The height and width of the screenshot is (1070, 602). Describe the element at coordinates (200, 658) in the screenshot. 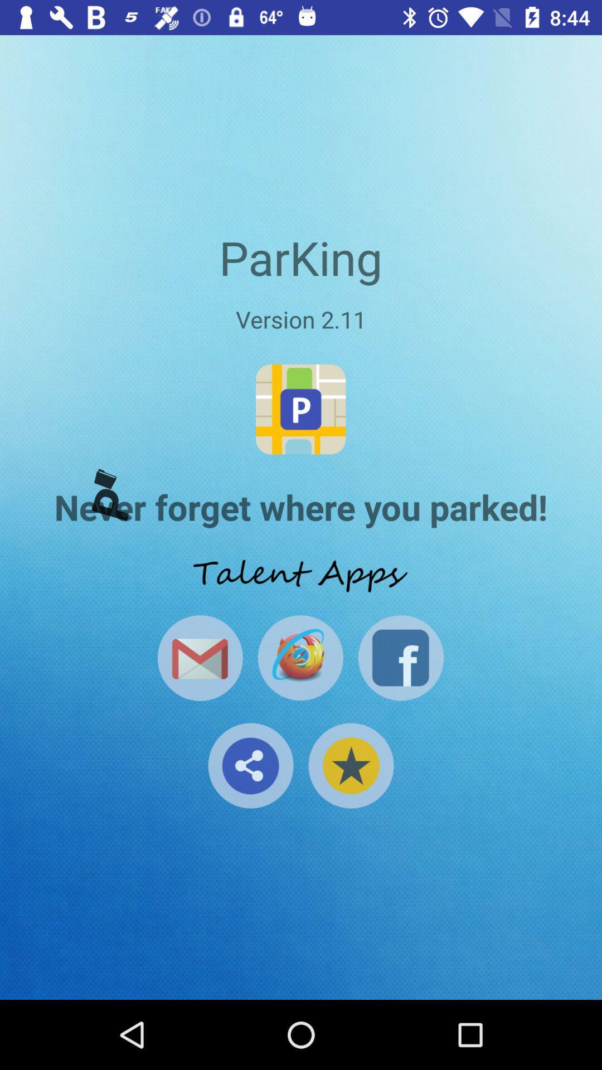

I see `gmail` at that location.